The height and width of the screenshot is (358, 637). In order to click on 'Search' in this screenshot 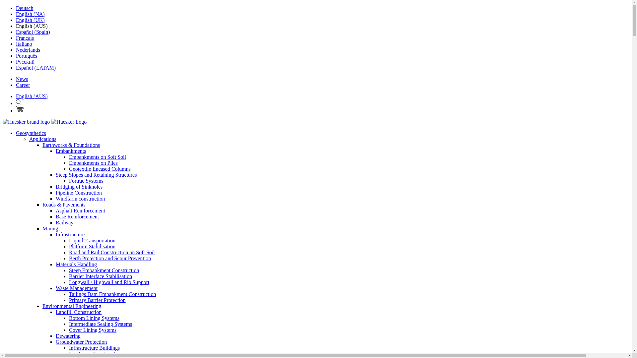, I will do `click(19, 103)`.